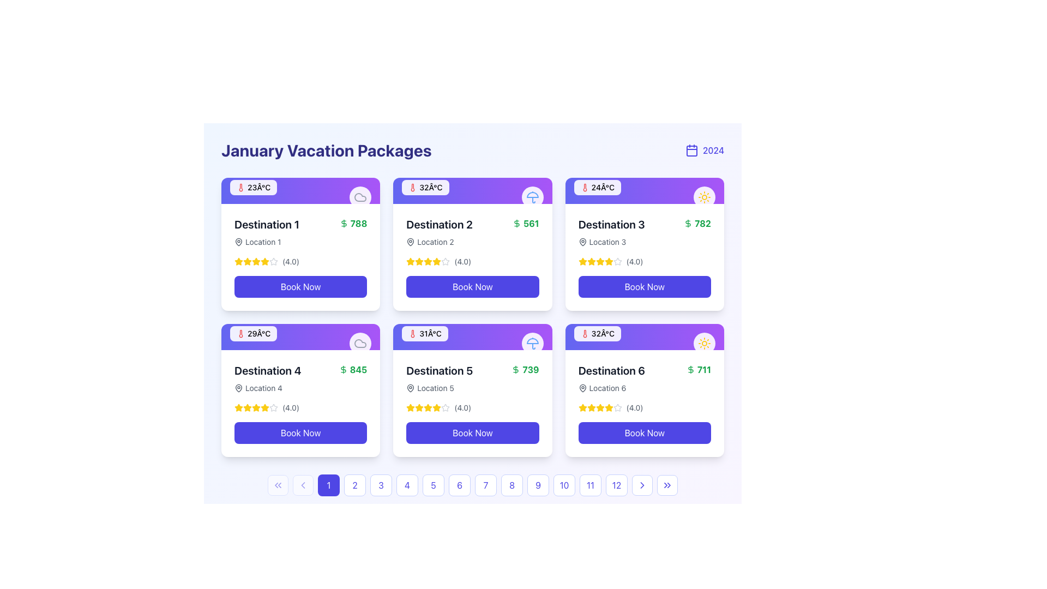 The width and height of the screenshot is (1047, 589). I want to click on the small circular icon with a cloud outline located in the top-right corner of the 'Destination 1' card displaying '23°C', so click(360, 197).